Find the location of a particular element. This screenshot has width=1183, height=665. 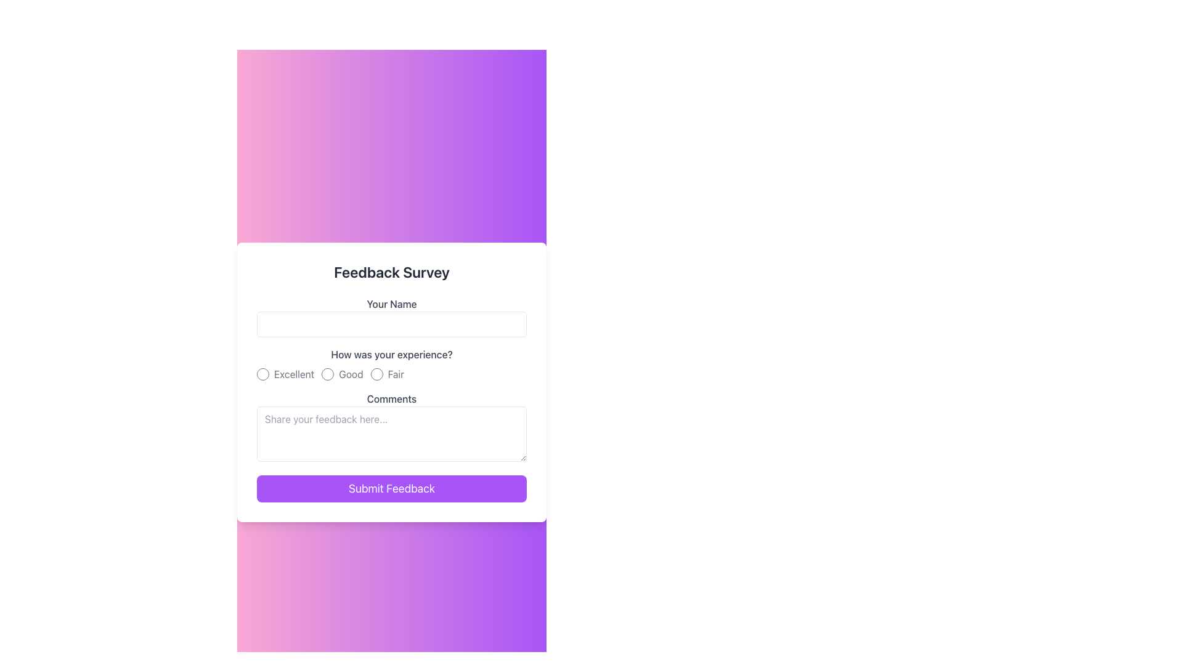

the options in the Radio Button Group that allows users to select feedback options: 'Excellent,' 'Good,' or 'Fair.' is located at coordinates (391, 363).